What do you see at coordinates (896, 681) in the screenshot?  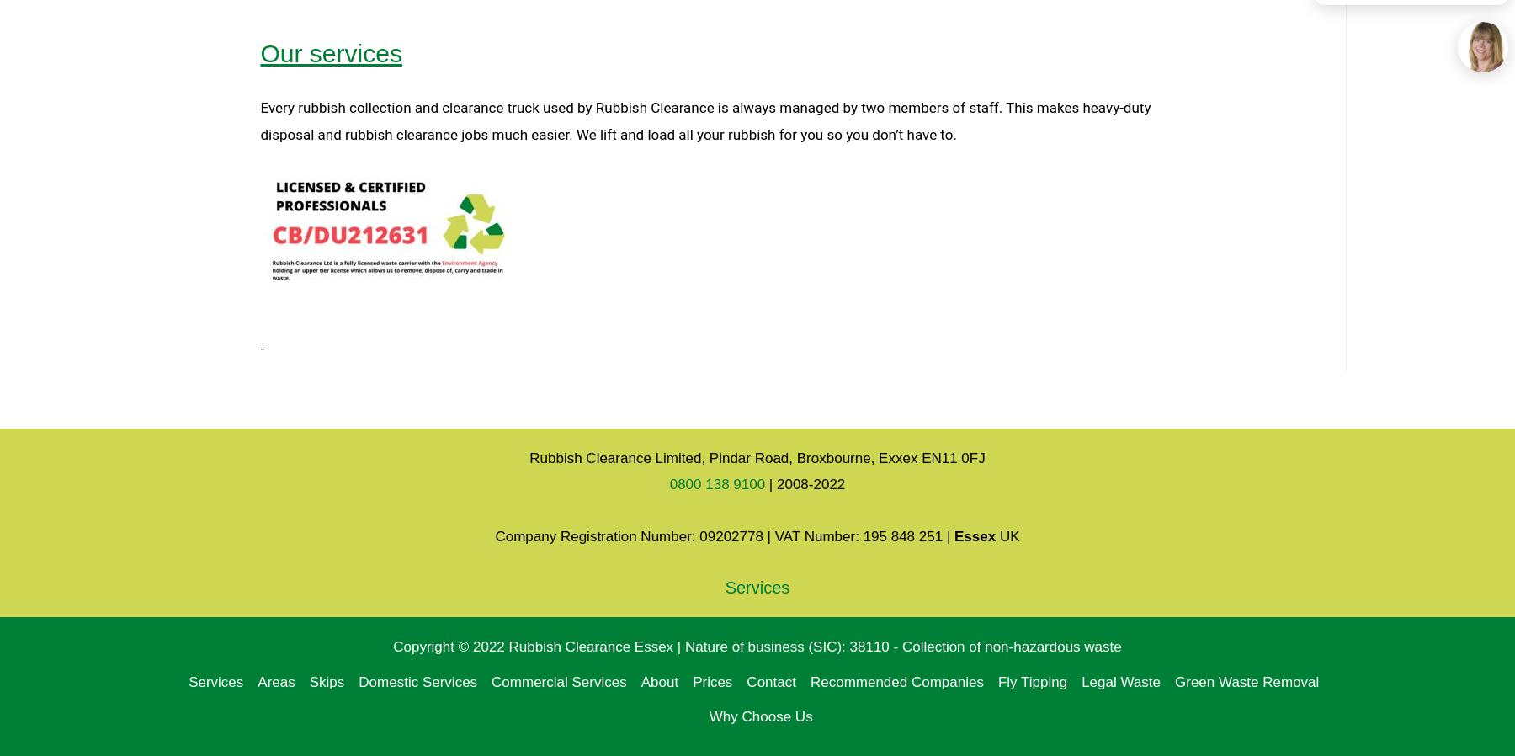 I see `'Recommended Companies'` at bounding box center [896, 681].